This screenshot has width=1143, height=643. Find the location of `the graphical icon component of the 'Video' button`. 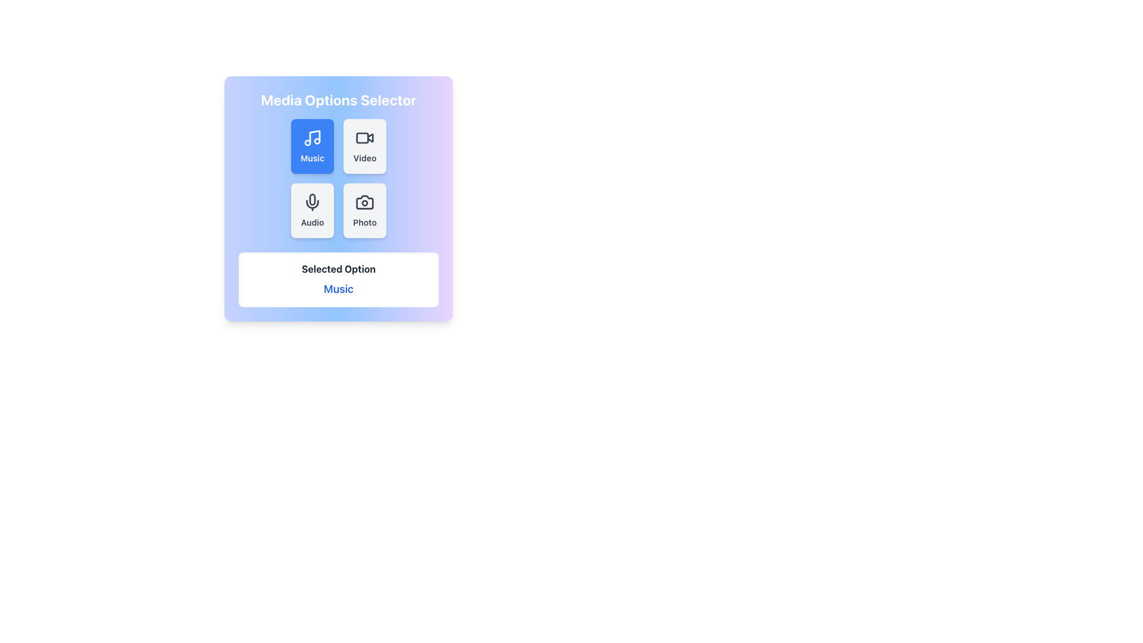

the graphical icon component of the 'Video' button is located at coordinates (362, 137).